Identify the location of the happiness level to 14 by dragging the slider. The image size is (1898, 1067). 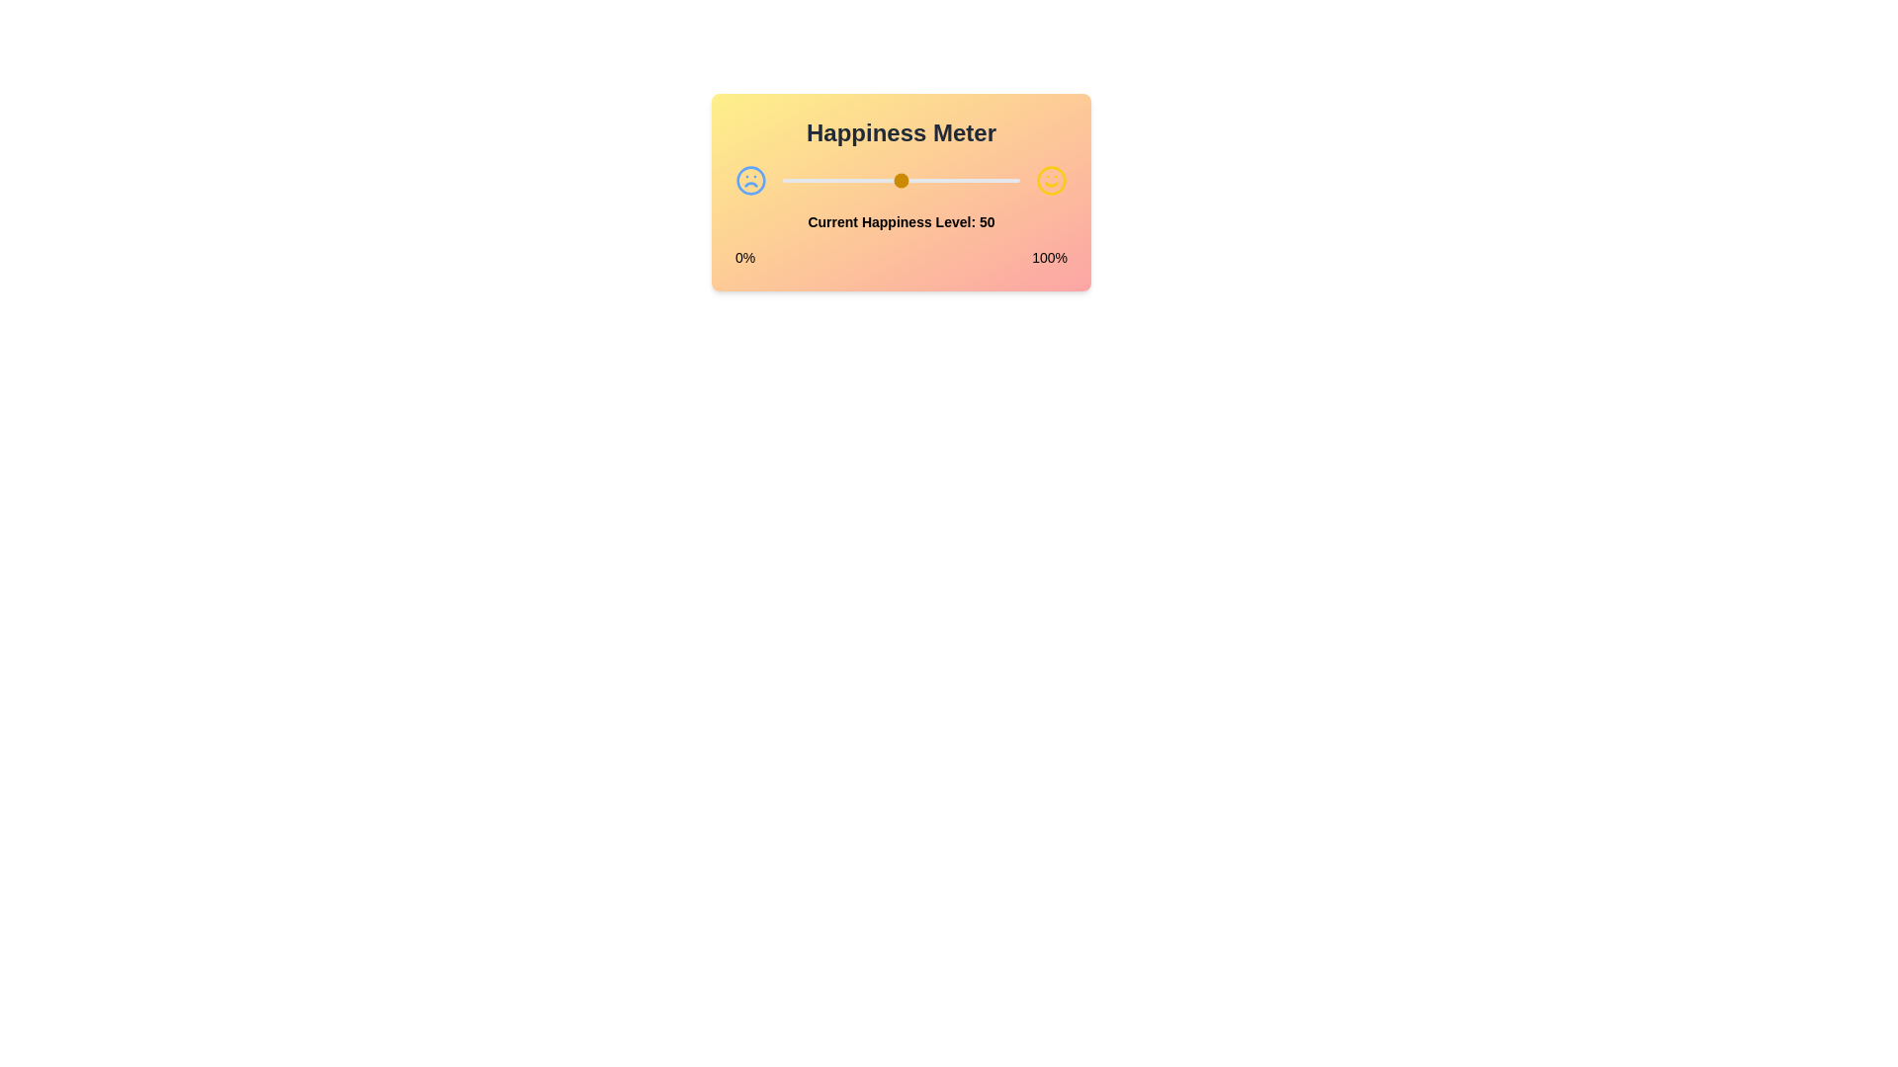
(816, 180).